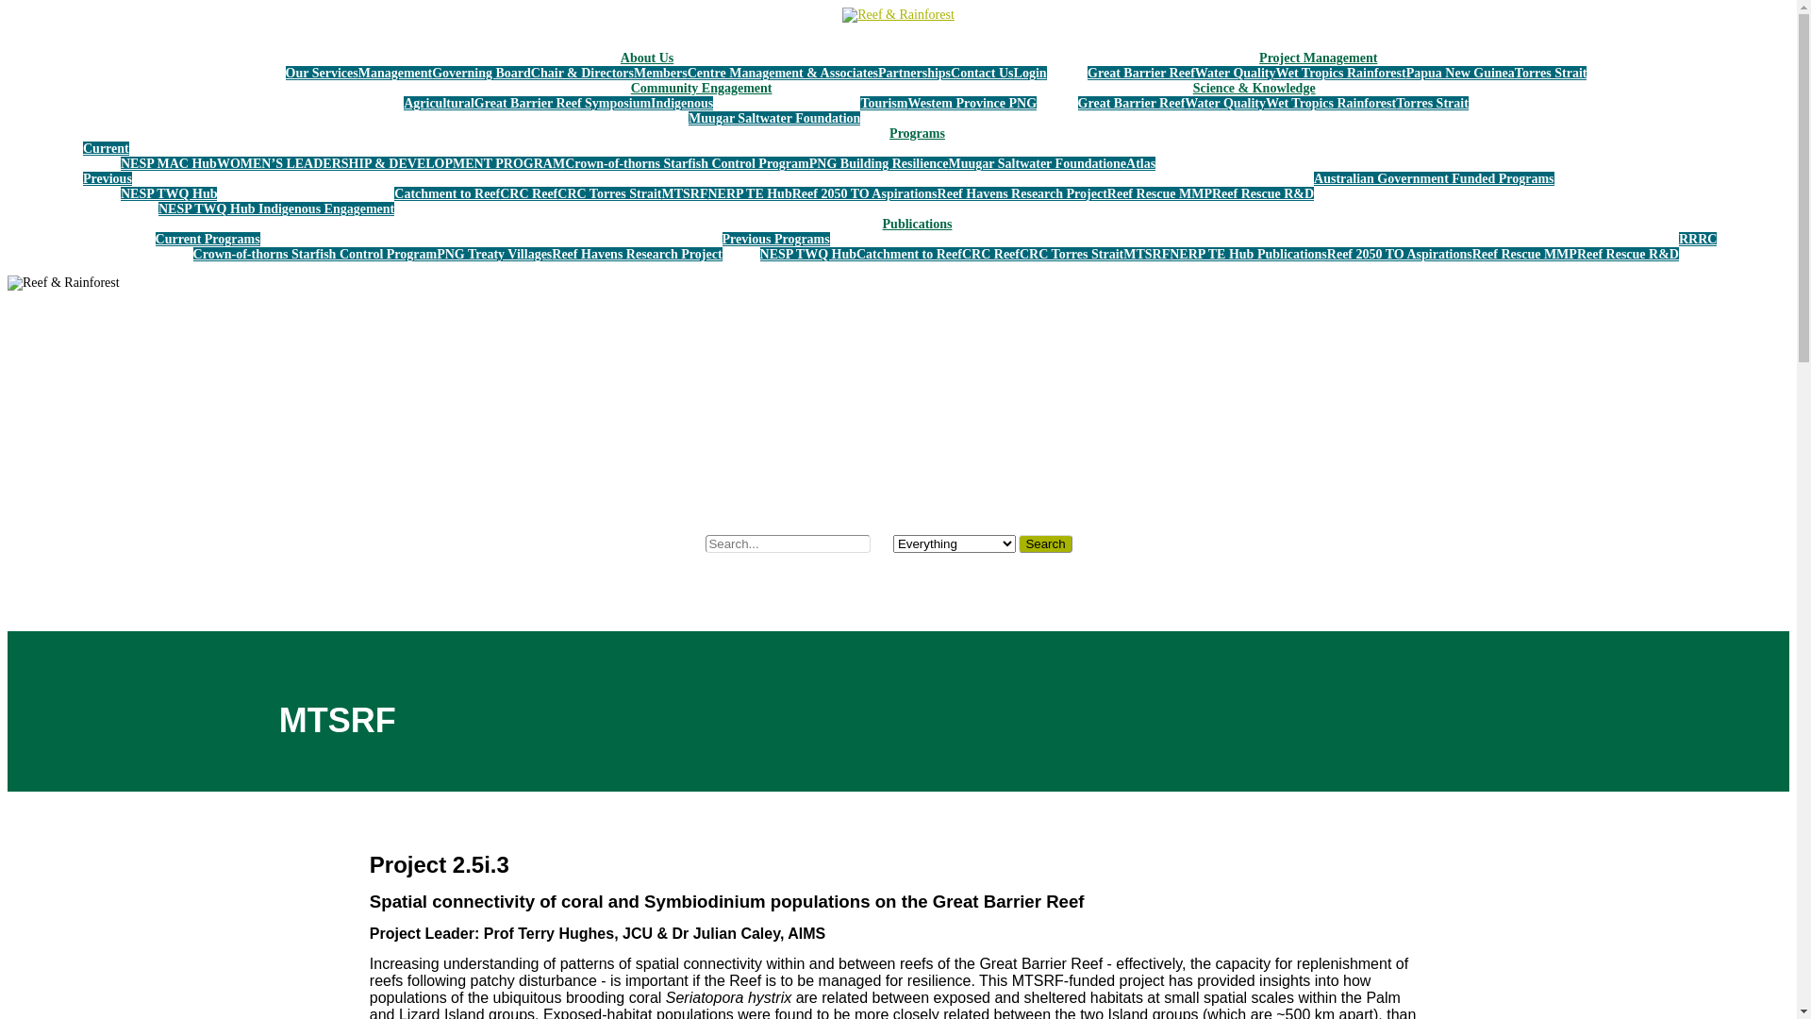 The image size is (1811, 1019). Describe the element at coordinates (1121, 162) in the screenshot. I see `'eAtlas'` at that location.